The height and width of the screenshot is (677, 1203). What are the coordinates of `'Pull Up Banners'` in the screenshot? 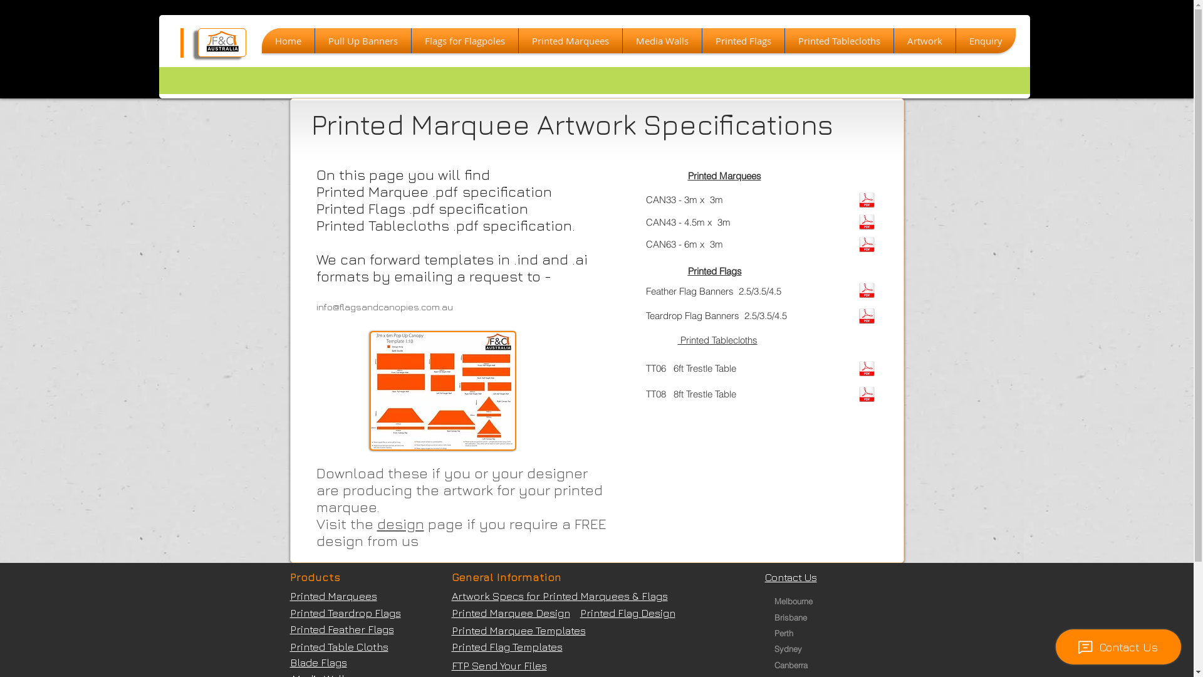 It's located at (362, 40).